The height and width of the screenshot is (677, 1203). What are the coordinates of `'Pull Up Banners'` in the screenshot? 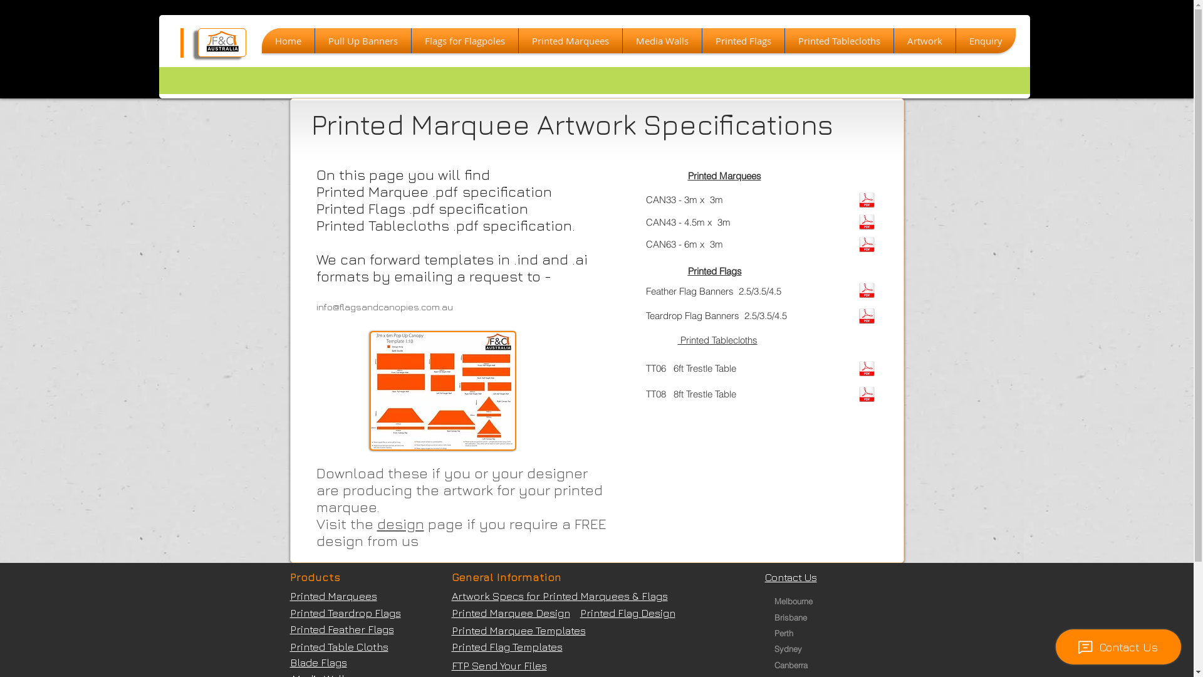 It's located at (362, 40).